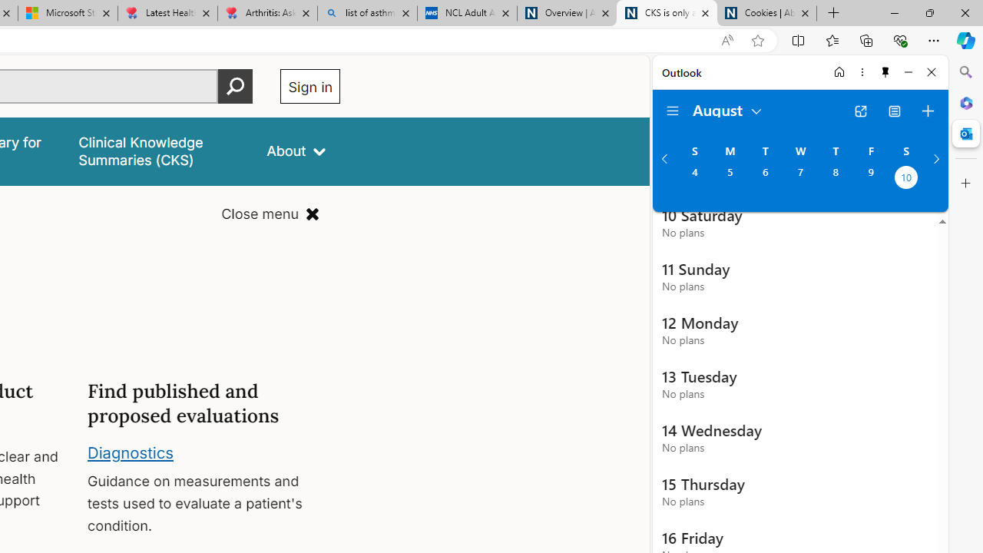 The height and width of the screenshot is (553, 983). I want to click on 'Open in new tab', so click(860, 111).